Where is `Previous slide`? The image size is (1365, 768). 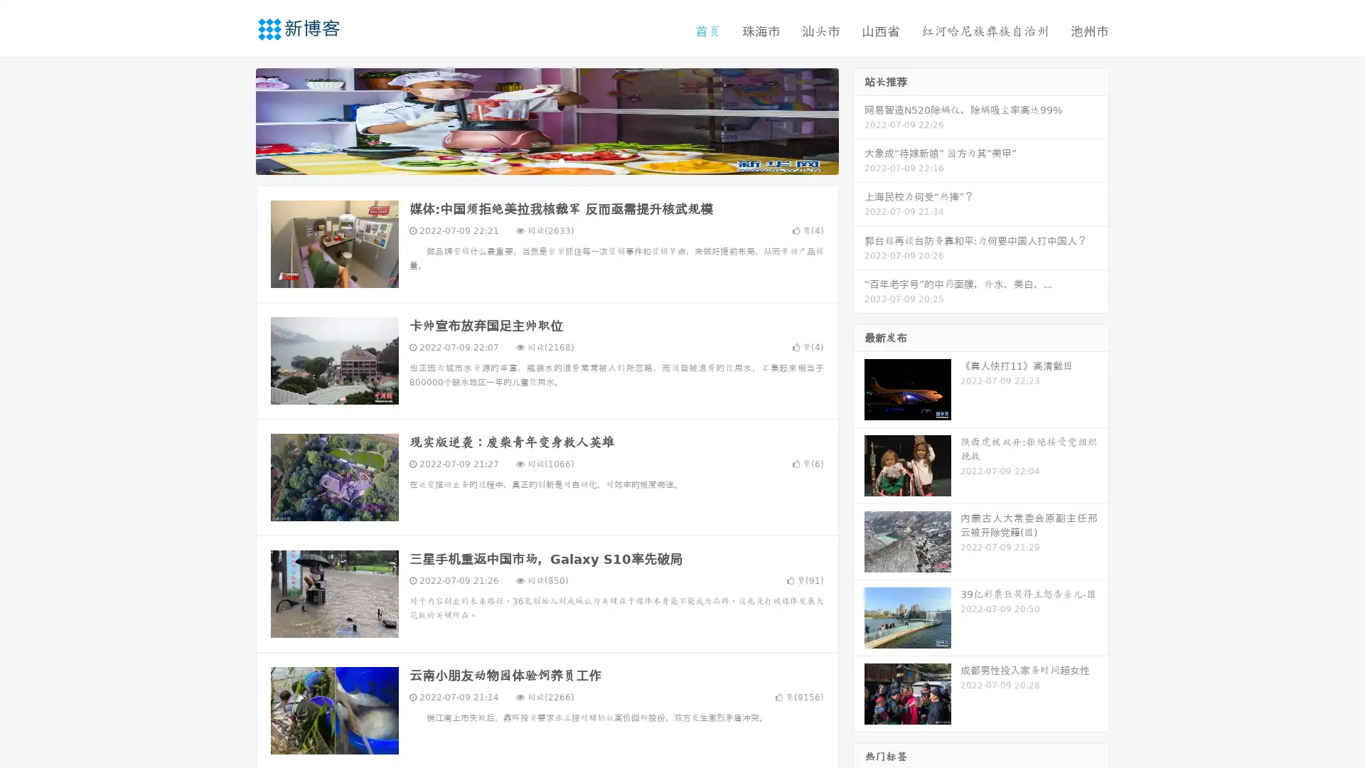 Previous slide is located at coordinates (235, 119).